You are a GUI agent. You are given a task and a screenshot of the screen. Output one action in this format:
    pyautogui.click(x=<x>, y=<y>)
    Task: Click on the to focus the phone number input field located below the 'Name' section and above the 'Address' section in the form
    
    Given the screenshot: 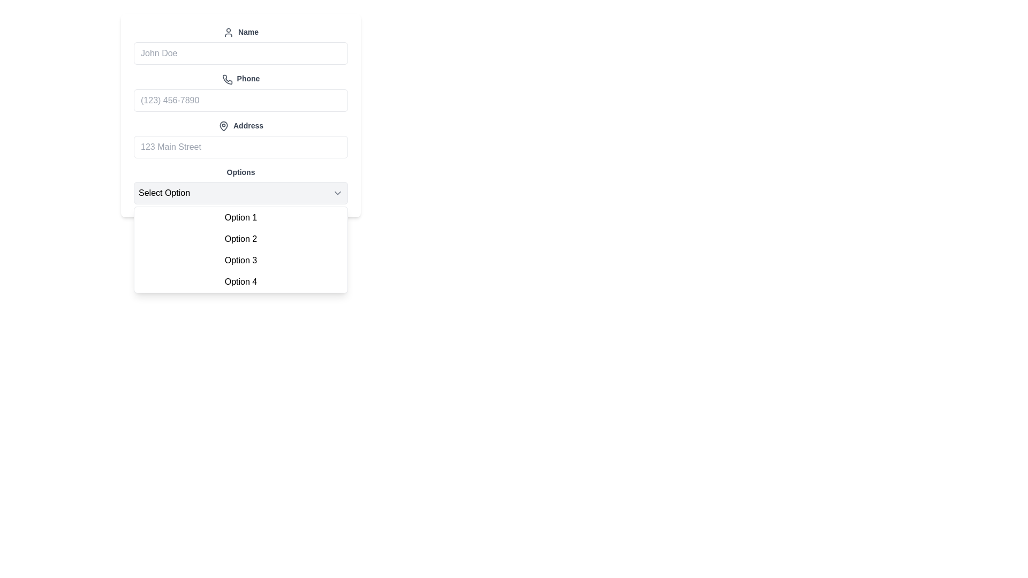 What is the action you would take?
    pyautogui.click(x=240, y=92)
    